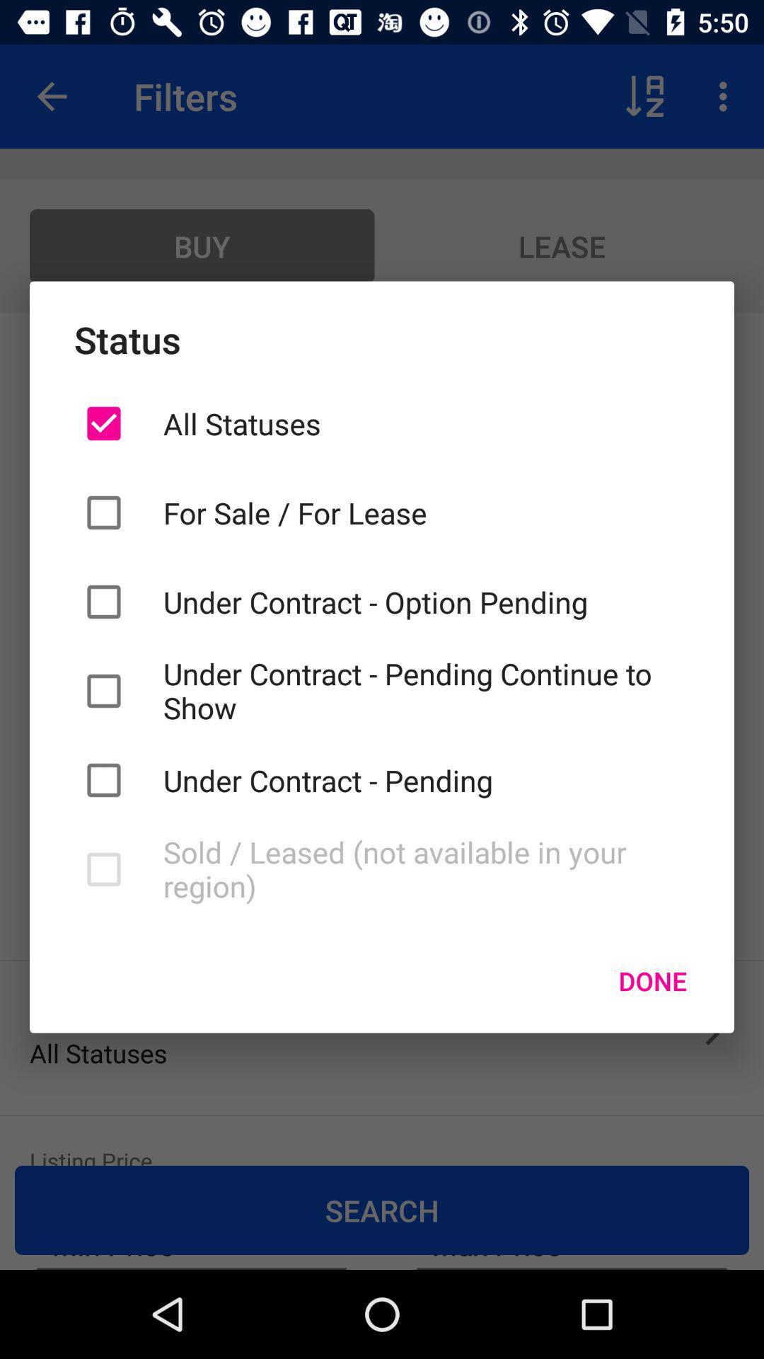  I want to click on sold leased not, so click(425, 868).